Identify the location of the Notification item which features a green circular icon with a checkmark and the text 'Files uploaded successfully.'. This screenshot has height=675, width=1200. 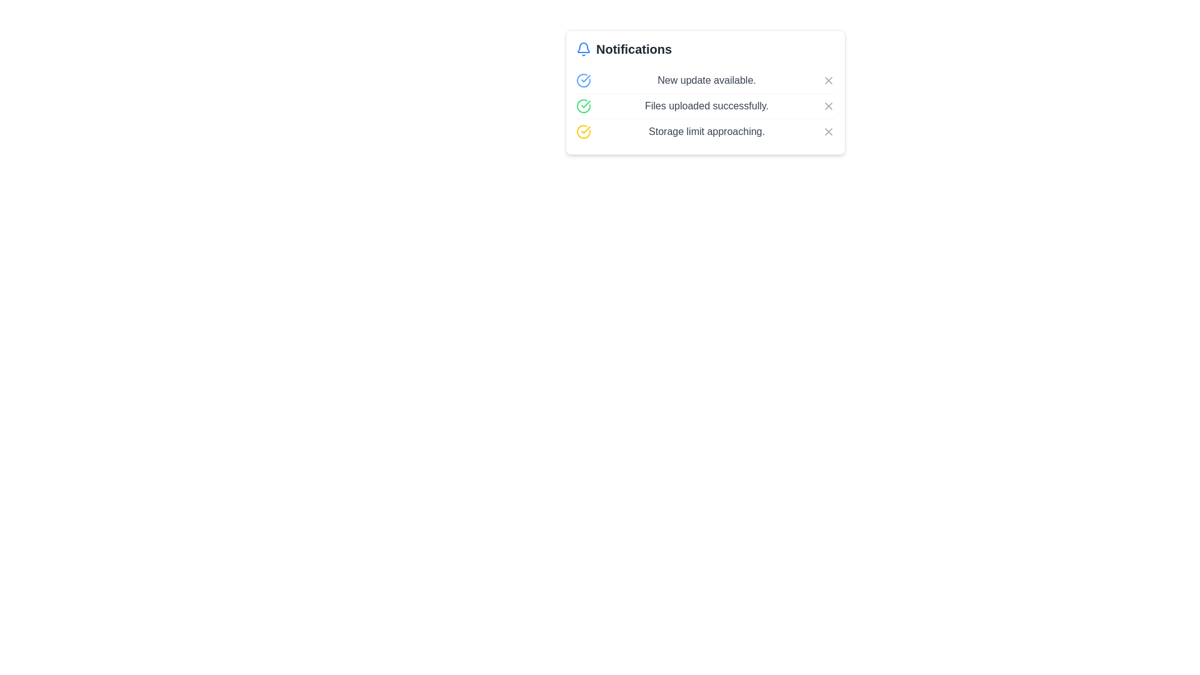
(705, 105).